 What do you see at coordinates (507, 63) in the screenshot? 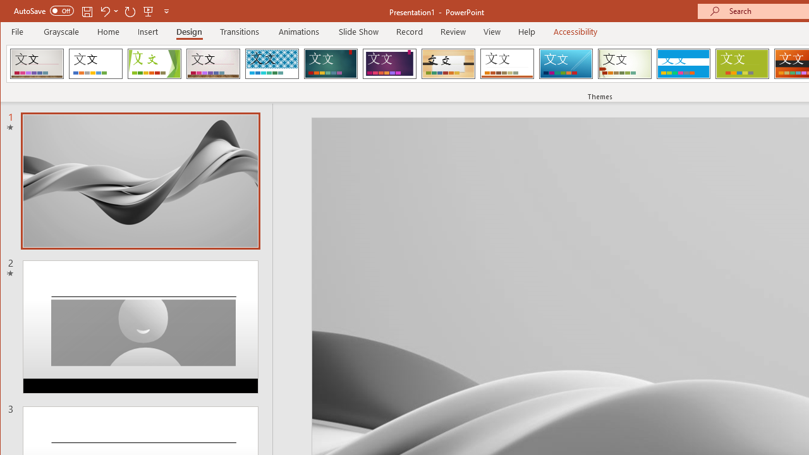
I see `'Retrospect'` at bounding box center [507, 63].